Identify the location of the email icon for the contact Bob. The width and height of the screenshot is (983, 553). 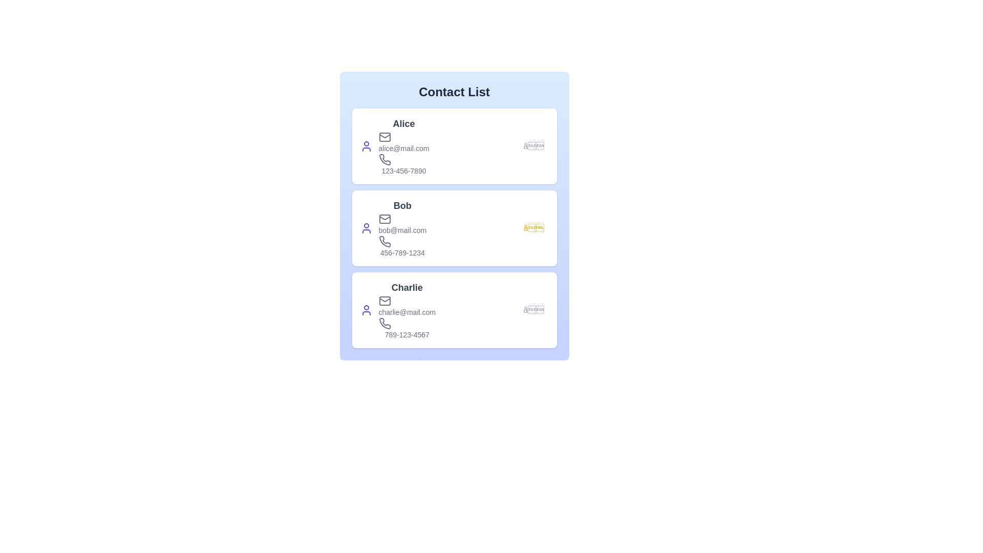
(384, 219).